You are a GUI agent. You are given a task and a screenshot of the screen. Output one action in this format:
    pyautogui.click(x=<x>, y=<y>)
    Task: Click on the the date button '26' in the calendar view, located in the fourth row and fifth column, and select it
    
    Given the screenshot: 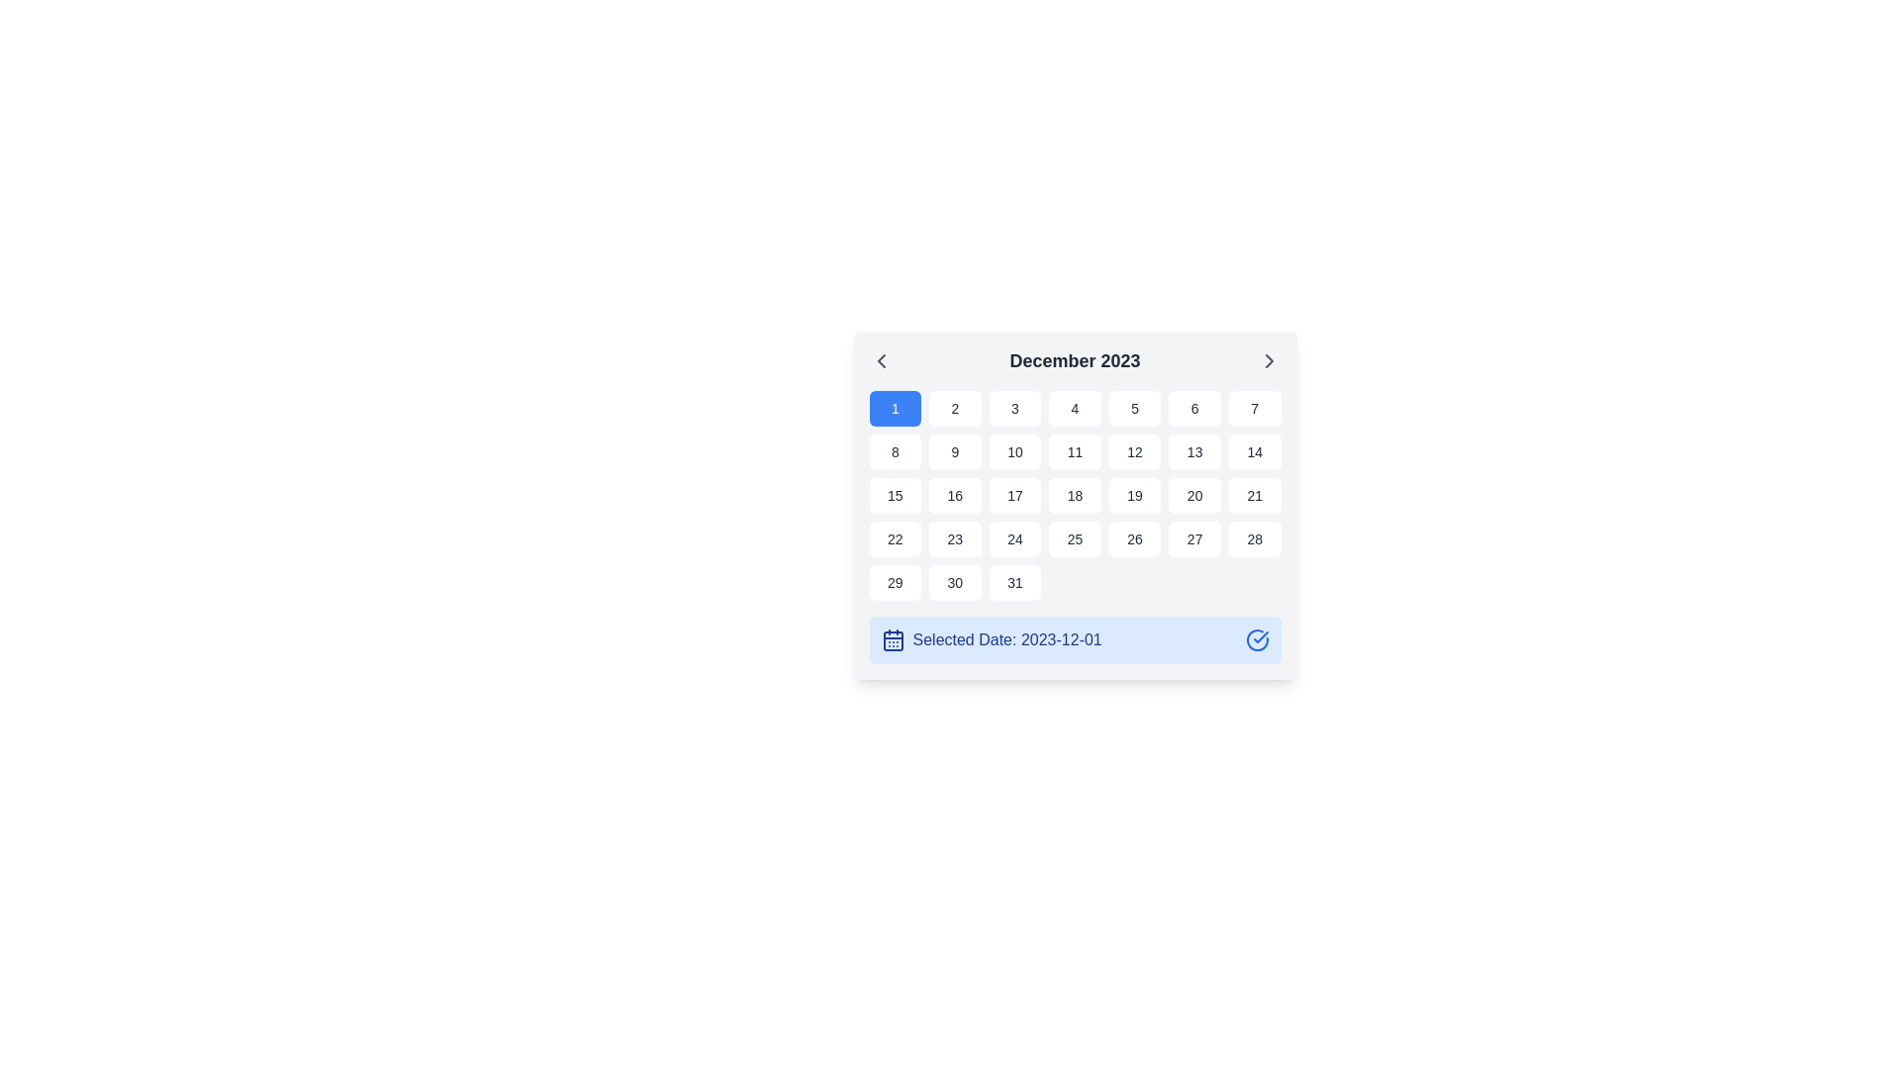 What is the action you would take?
    pyautogui.click(x=1135, y=538)
    